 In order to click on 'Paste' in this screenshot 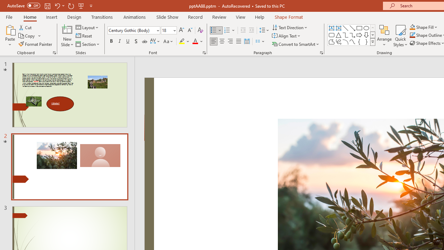, I will do `click(10, 36)`.